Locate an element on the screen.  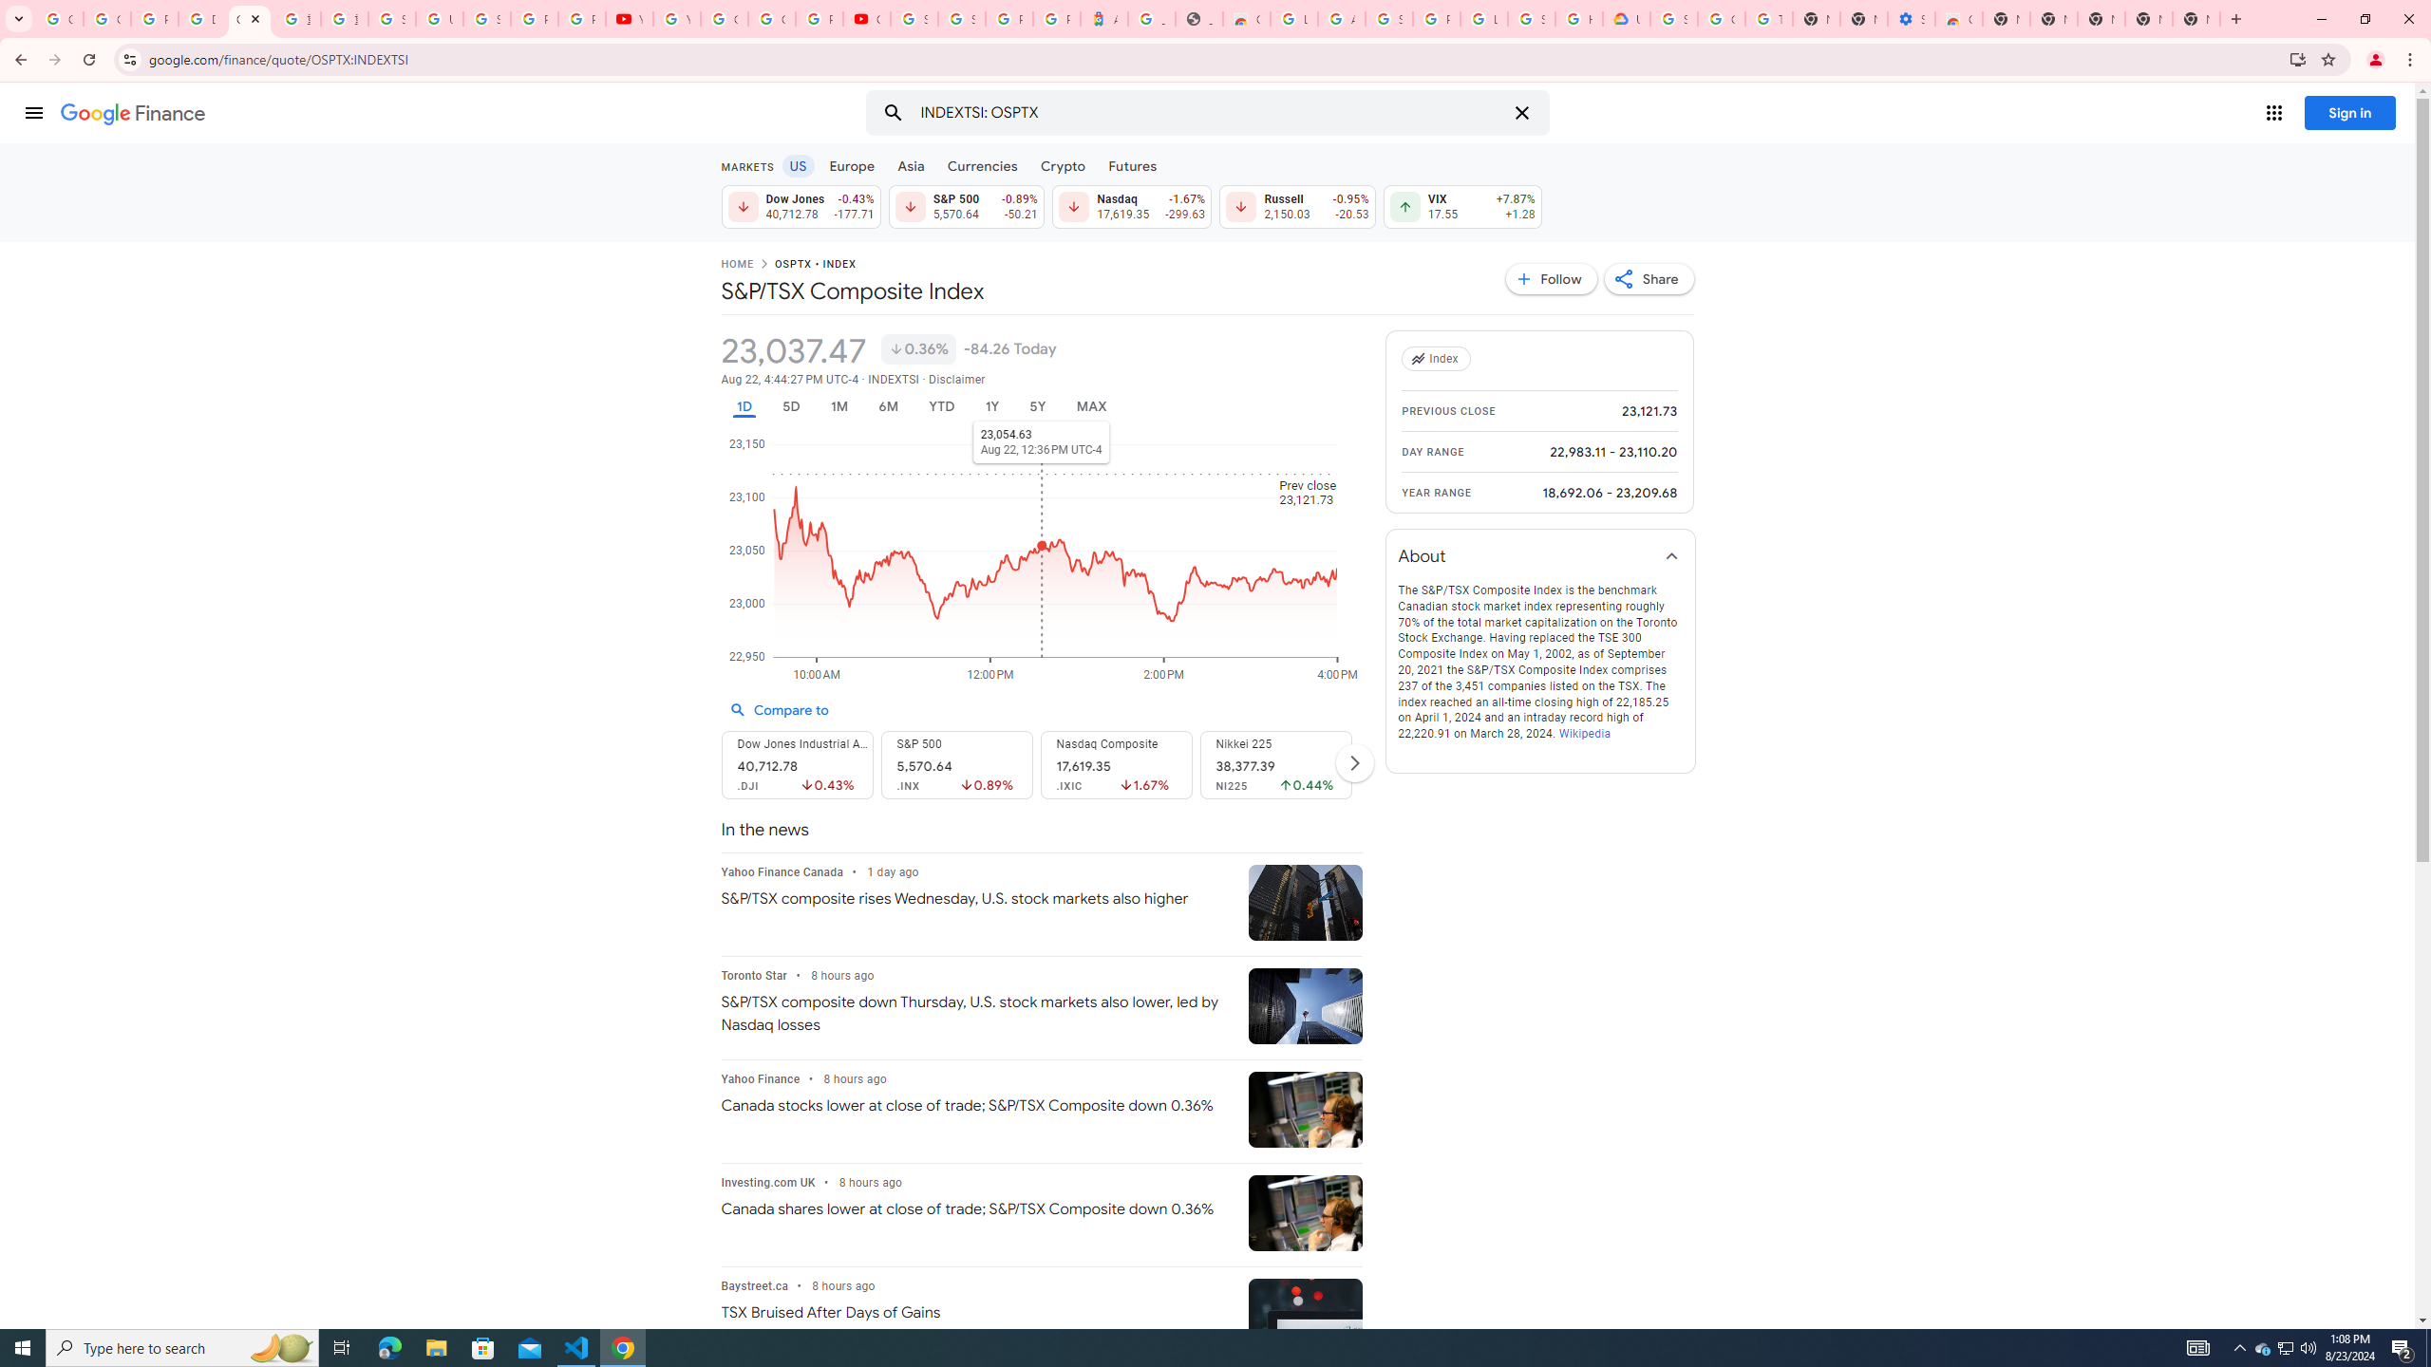
'Russell 2,150.03 Down by 0.95% -20.53' is located at coordinates (1297, 206).